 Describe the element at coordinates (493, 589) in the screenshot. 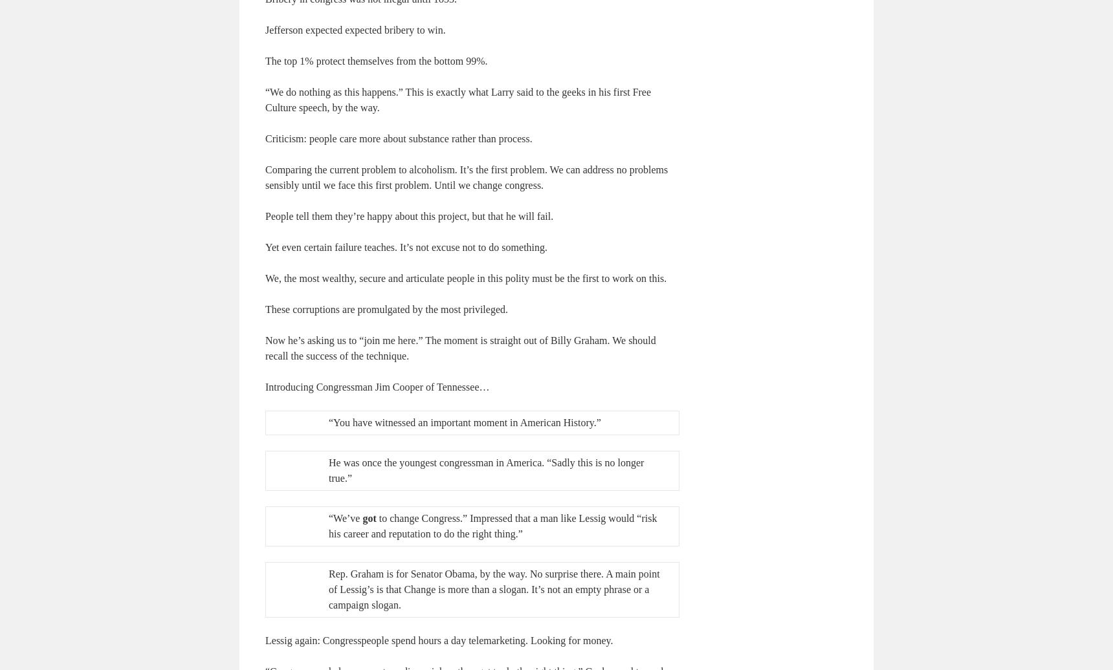

I see `'Rep. Graham is for Senator Obama, by the way. No surprise there. A main point of Lessig’s is that Change is more than a slogan. It’s not an empty phrase or a campaign slogan.'` at that location.